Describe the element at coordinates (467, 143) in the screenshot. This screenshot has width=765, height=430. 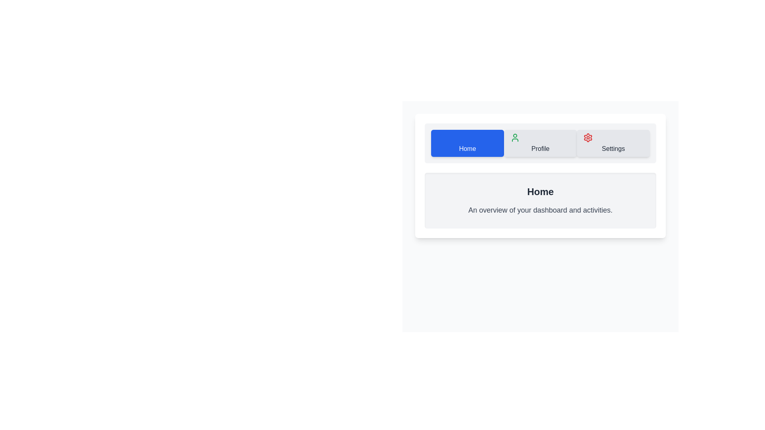
I see `the Home tab to observe its hover effect` at that location.